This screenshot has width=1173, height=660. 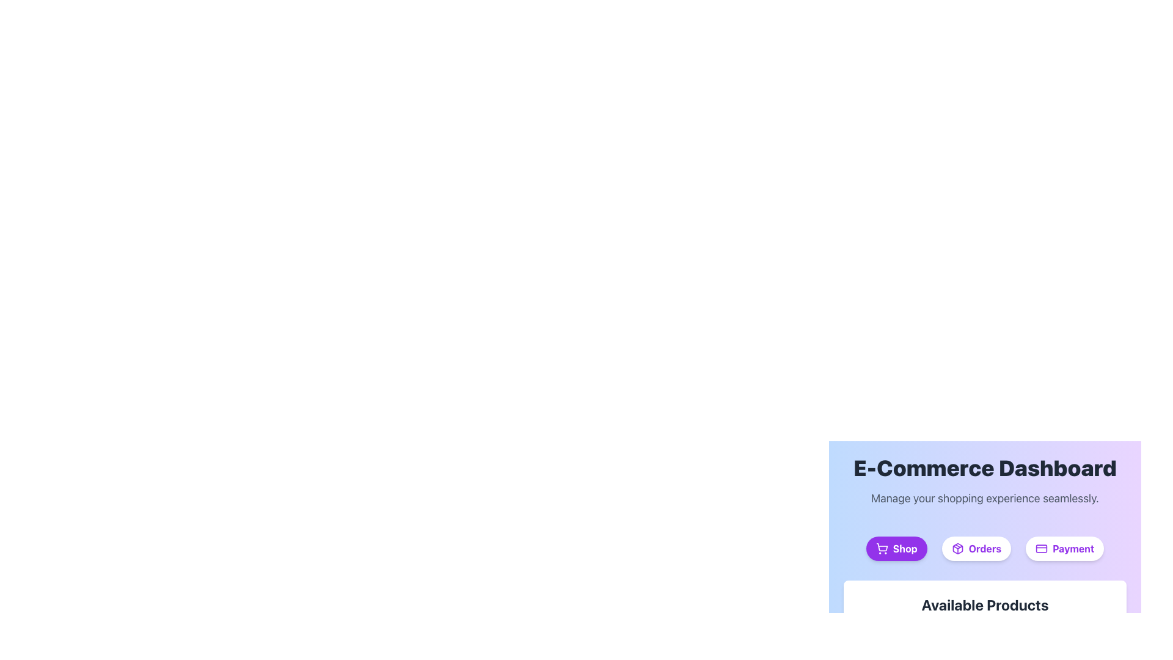 I want to click on the 'Orders' button with a white background and purple text, so click(x=976, y=548).